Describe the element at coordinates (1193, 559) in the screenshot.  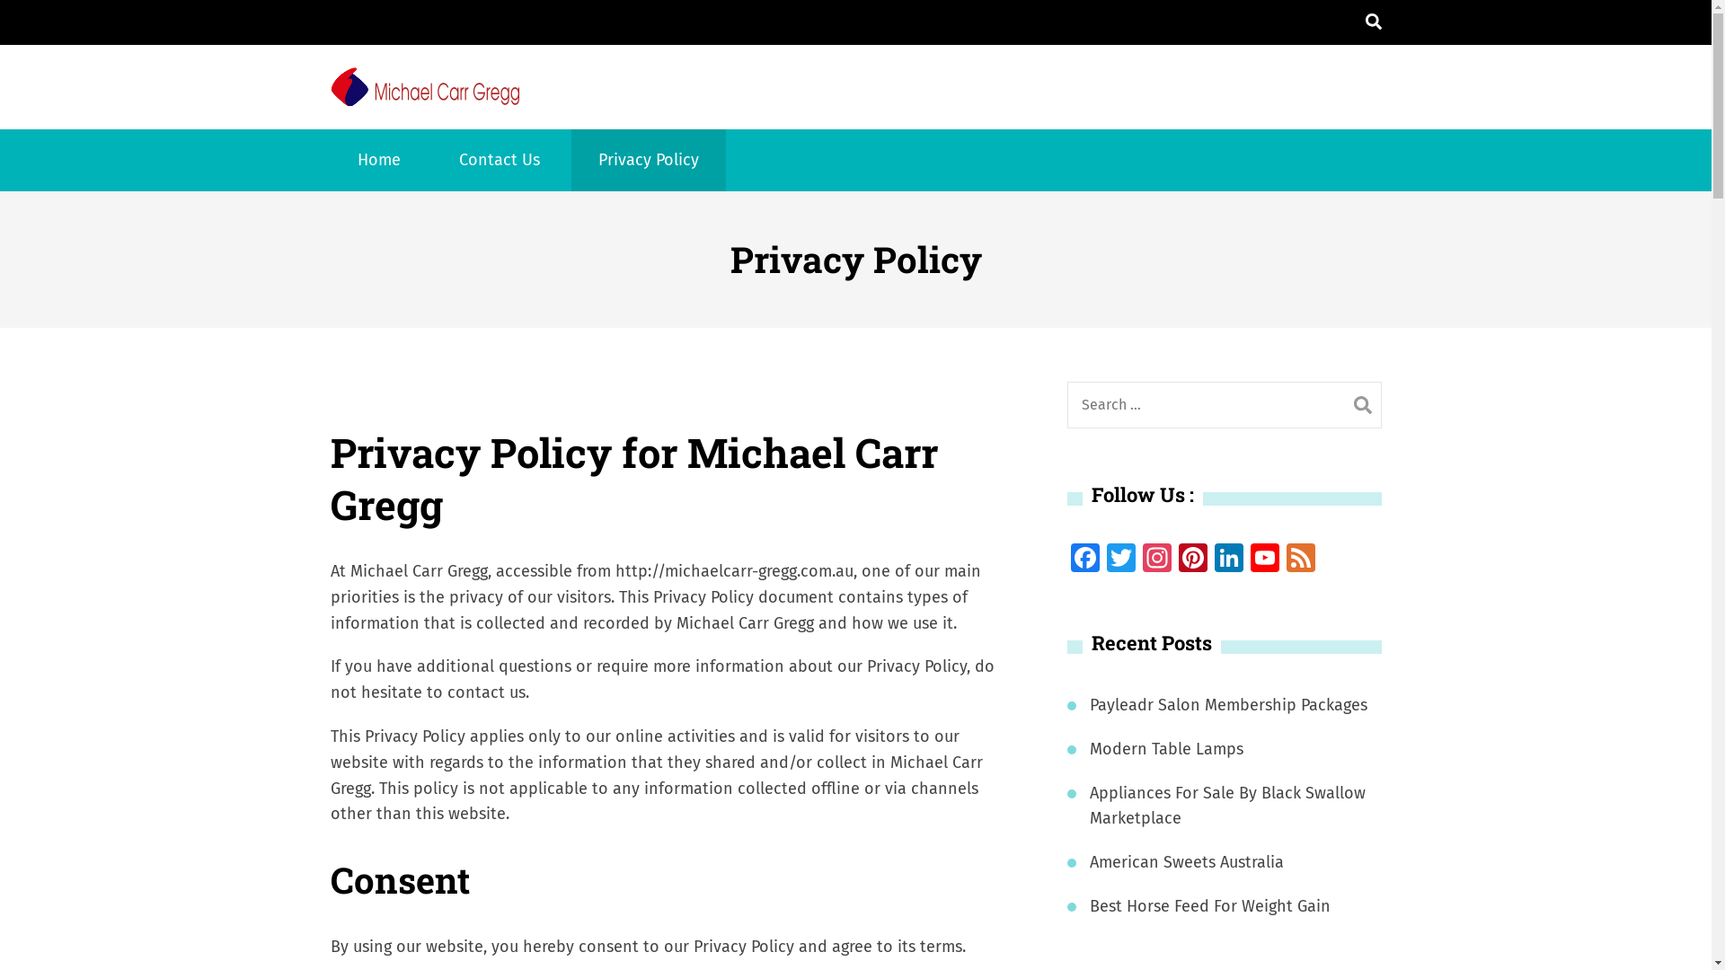
I see `'Pinterest'` at that location.